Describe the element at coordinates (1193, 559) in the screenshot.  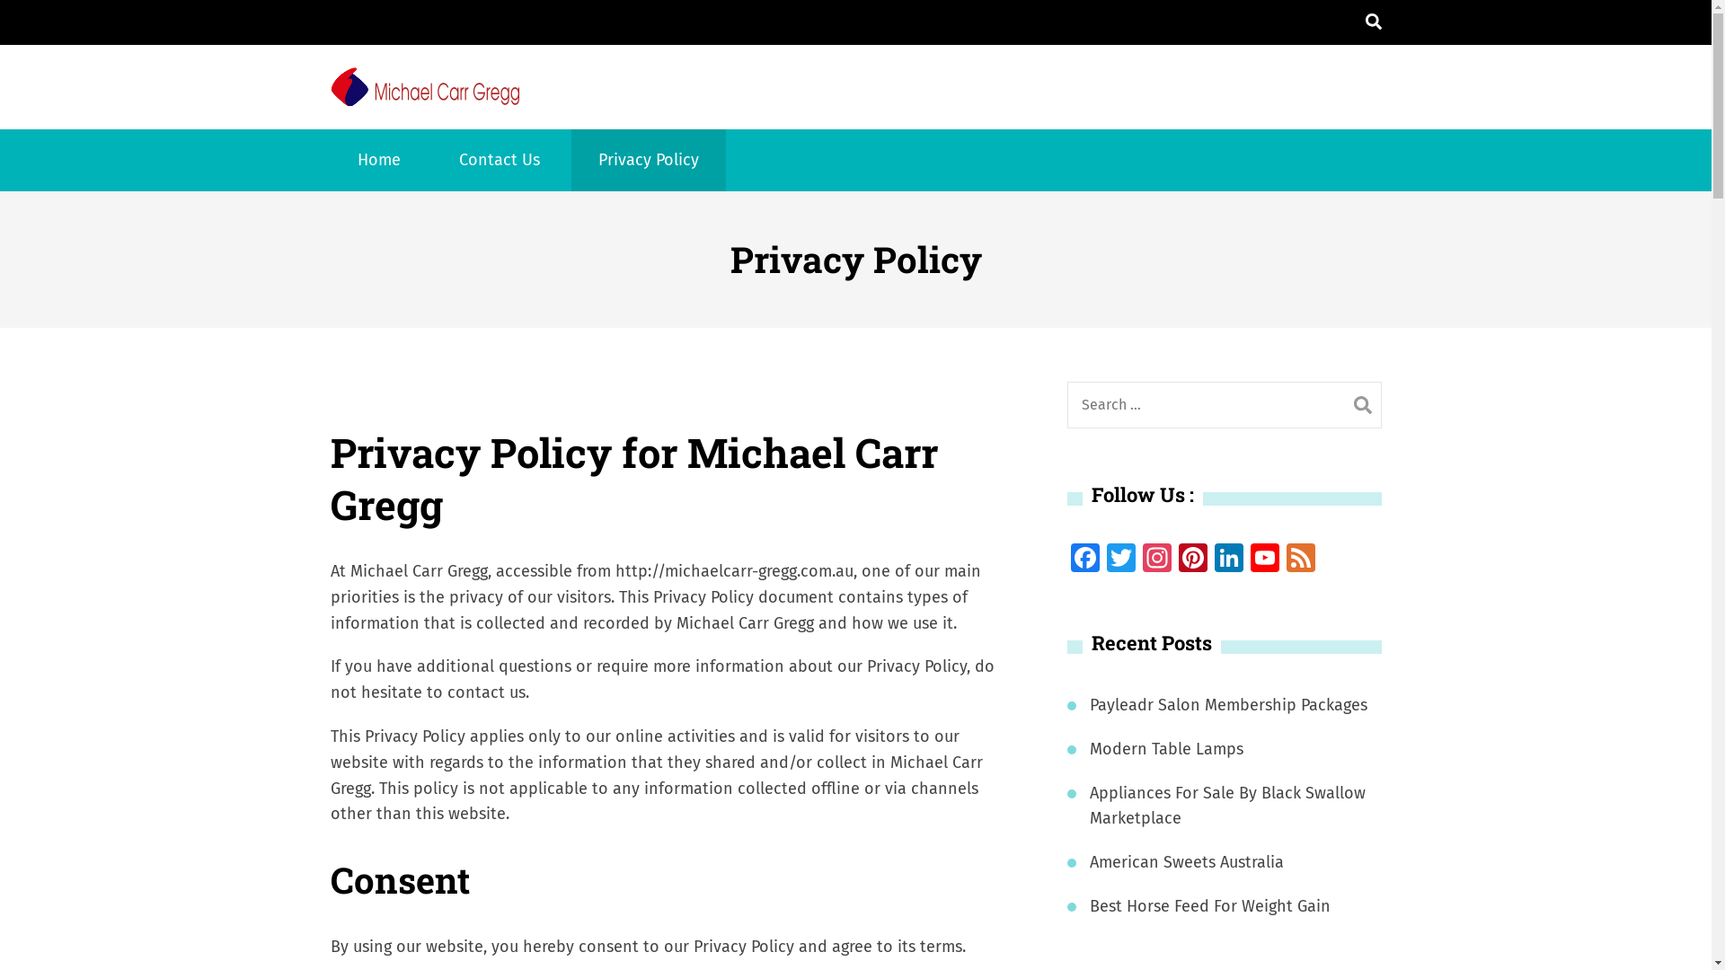
I see `'Pinterest'` at that location.